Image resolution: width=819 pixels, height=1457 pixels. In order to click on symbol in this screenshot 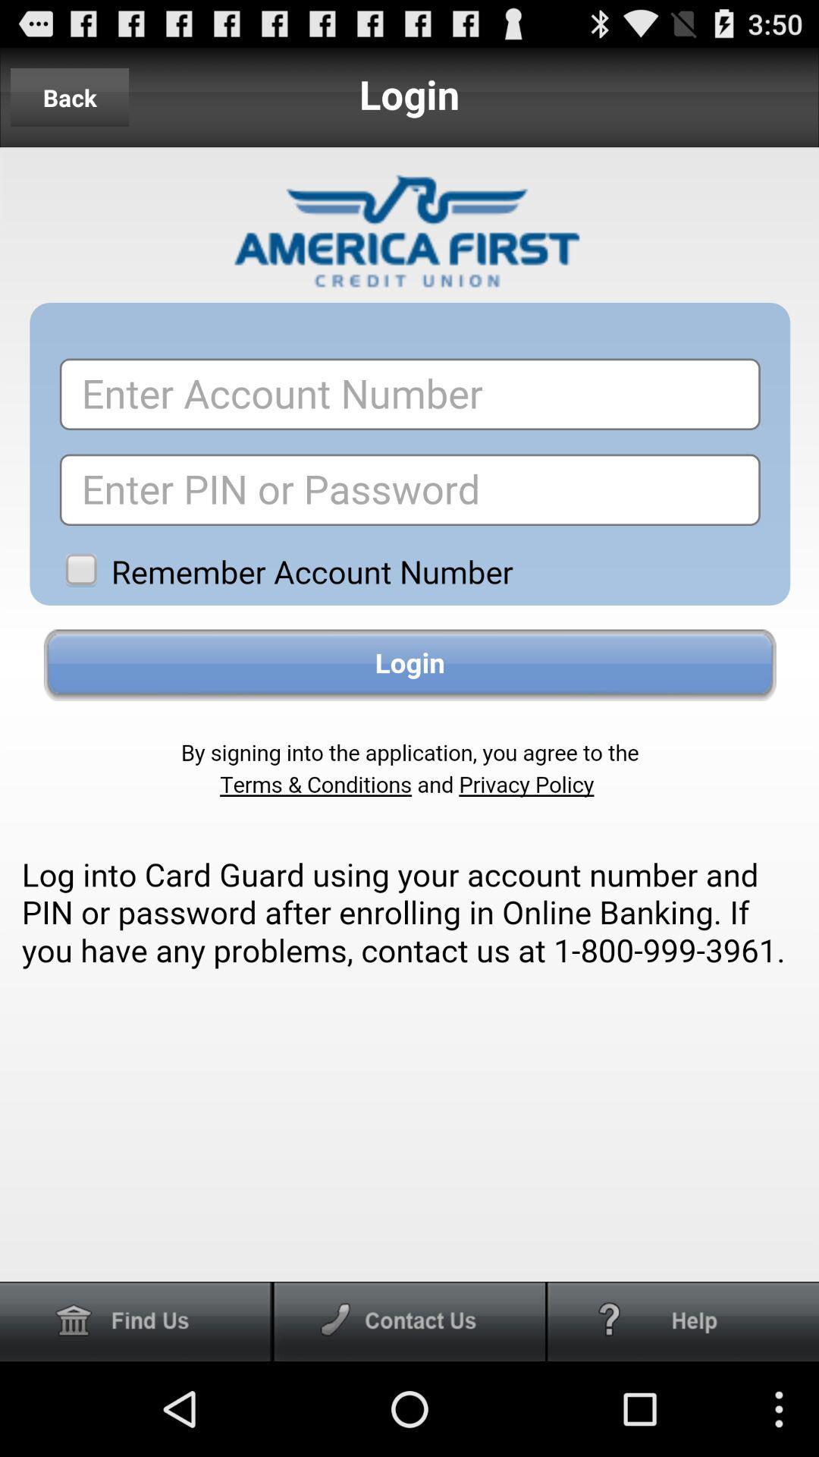, I will do `click(683, 1320)`.